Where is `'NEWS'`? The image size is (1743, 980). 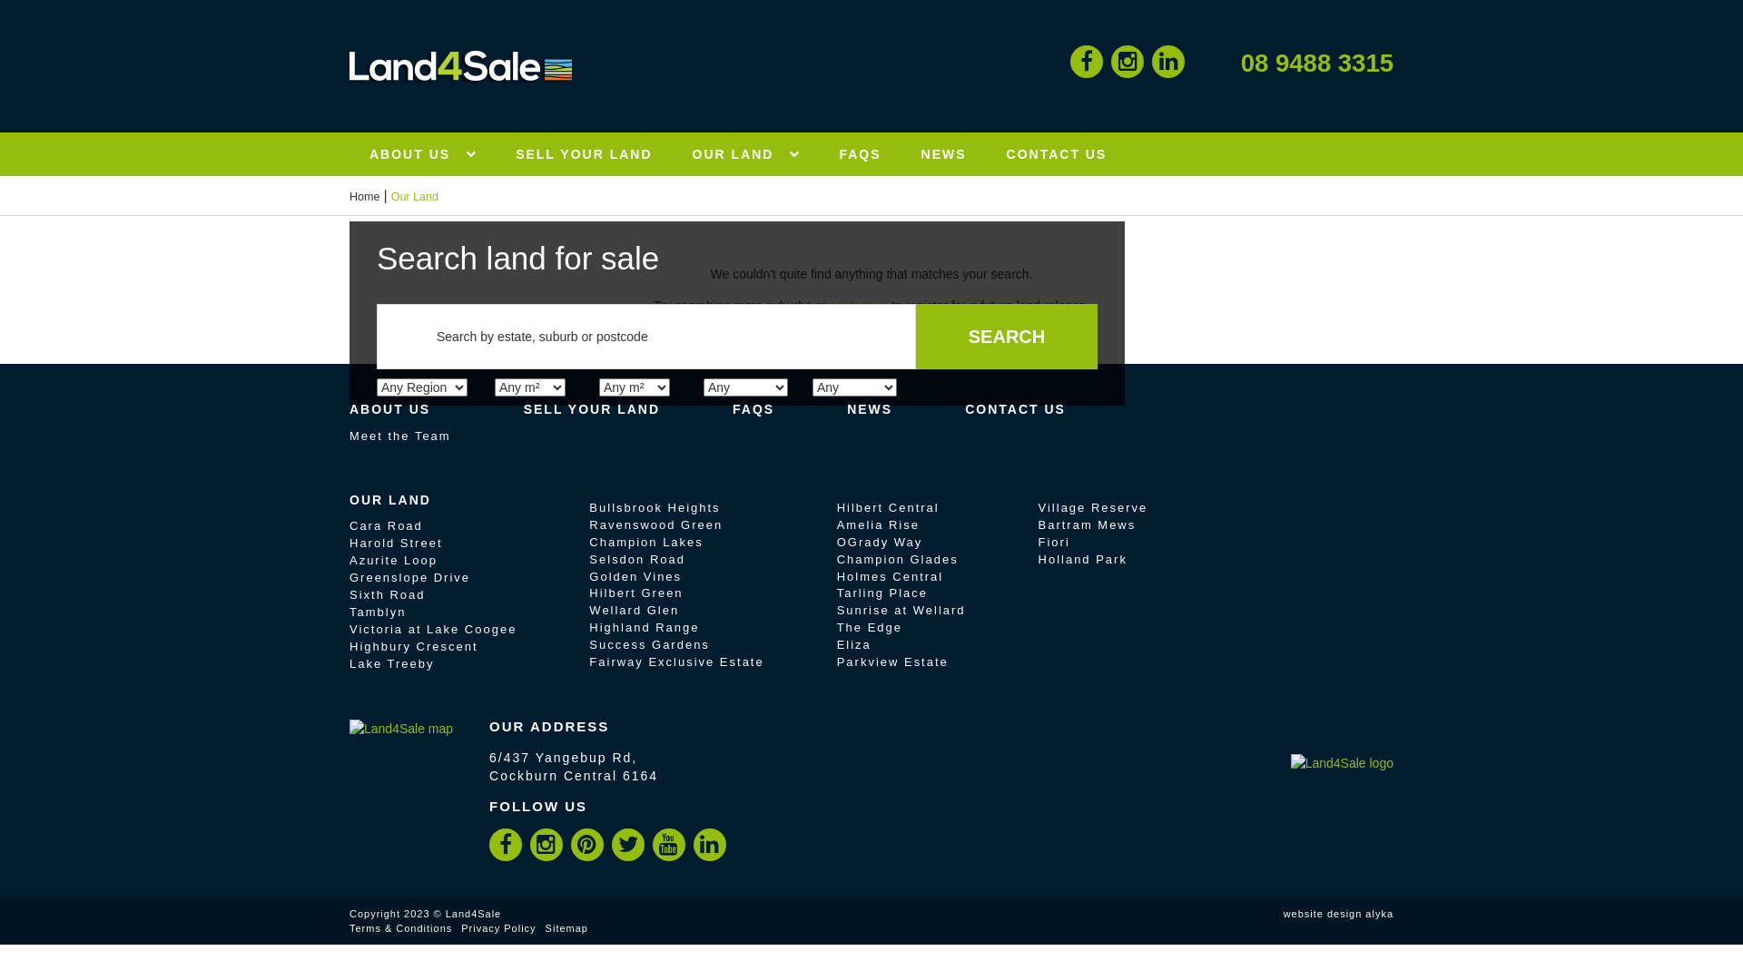
'NEWS' is located at coordinates (869, 409).